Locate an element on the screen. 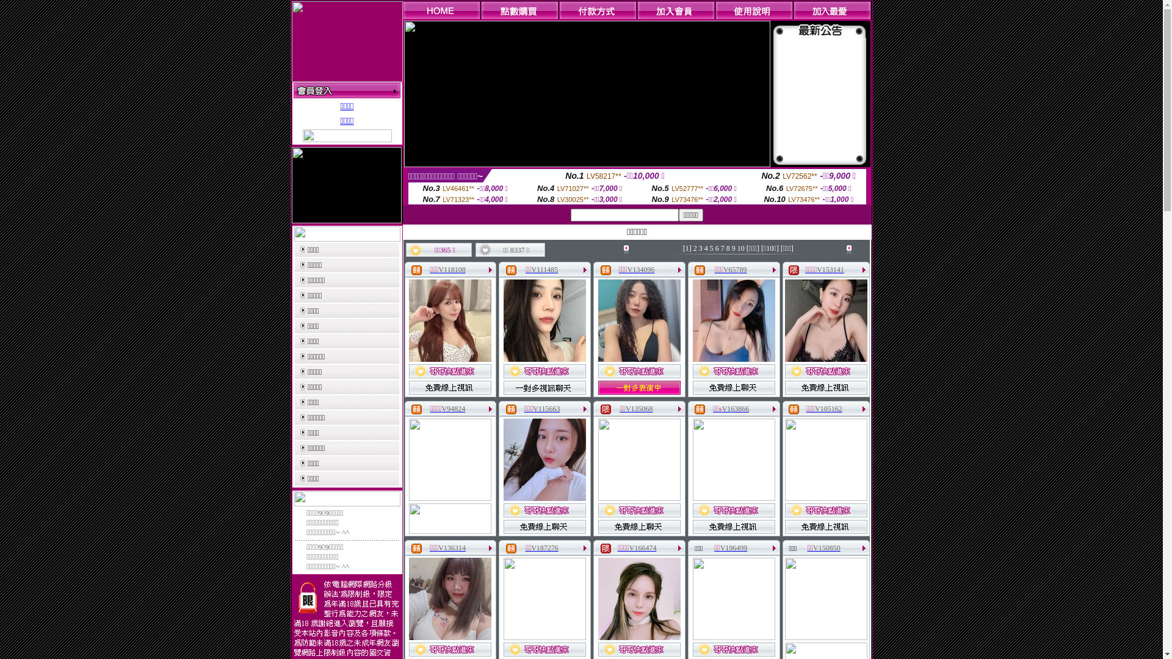 The width and height of the screenshot is (1172, 659). 'V105162' is located at coordinates (828, 409).